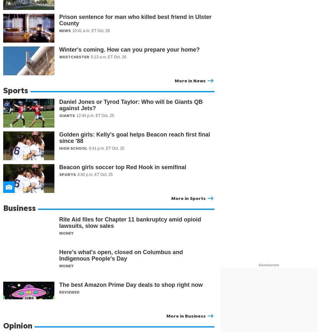 This screenshot has width=320, height=332. Describe the element at coordinates (134, 138) in the screenshot. I see `'Golden girls: Kelly's goal helps Beacon reach first final since '88'` at that location.